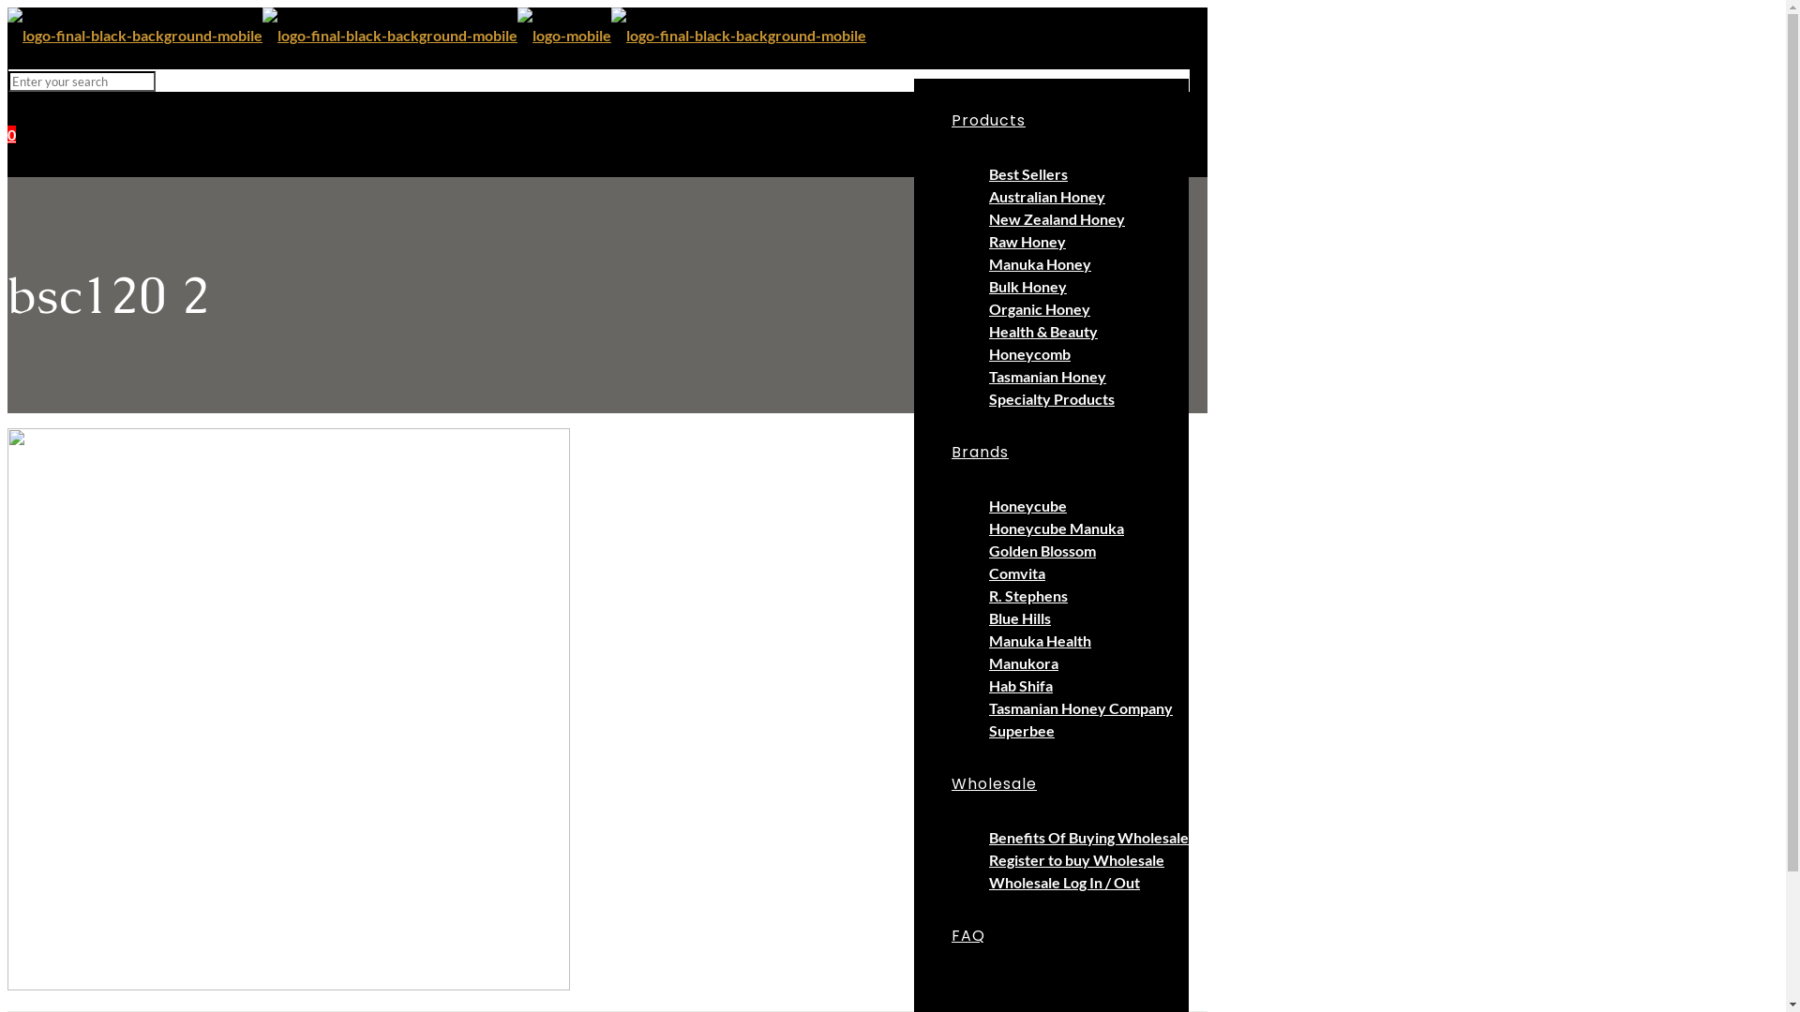 The image size is (1800, 1012). What do you see at coordinates (11, 133) in the screenshot?
I see `'0'` at bounding box center [11, 133].